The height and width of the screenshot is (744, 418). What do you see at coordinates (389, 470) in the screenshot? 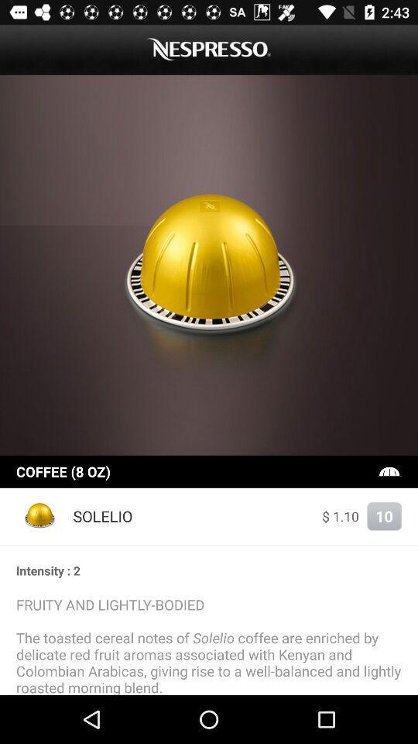
I see `the icon on the right` at bounding box center [389, 470].